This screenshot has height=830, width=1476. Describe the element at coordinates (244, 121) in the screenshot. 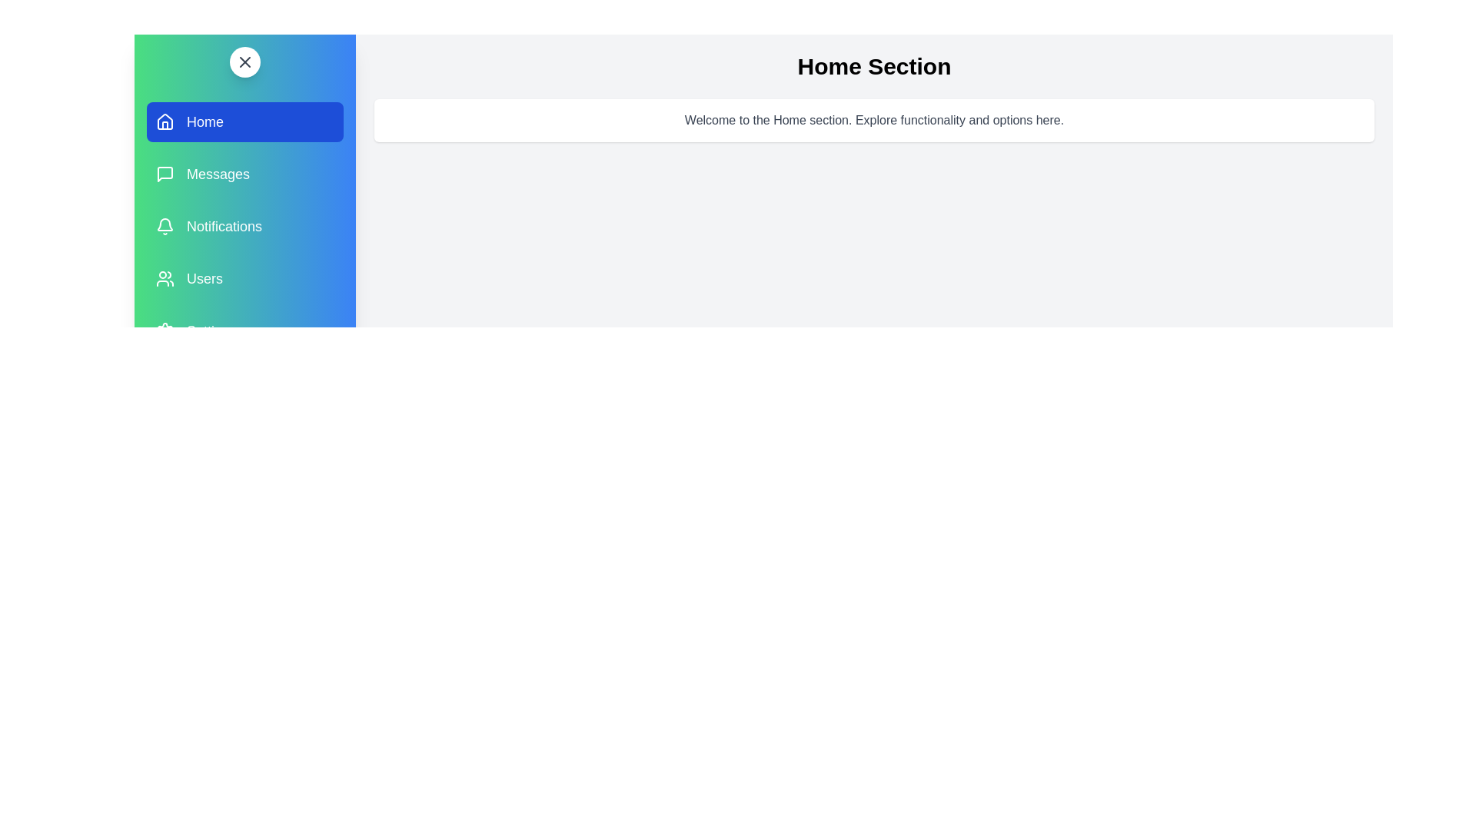

I see `the menu item Home by clicking on it` at that location.